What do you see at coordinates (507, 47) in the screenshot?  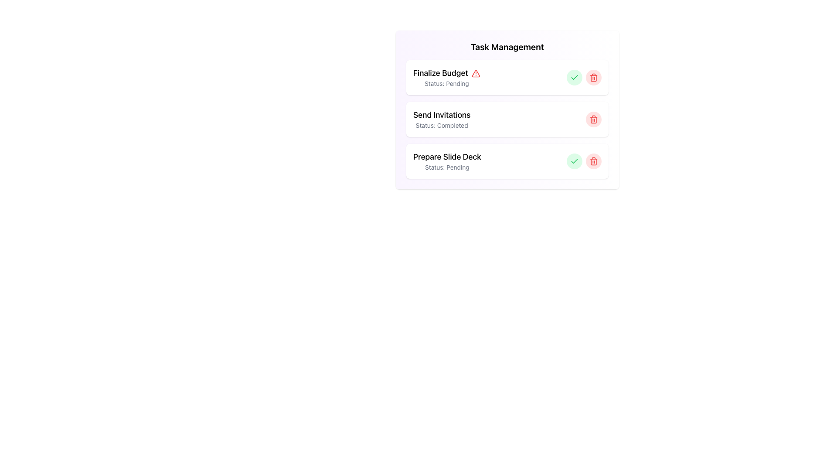 I see `text content of the heading element located at the top center of the task list panel, which provides an overview of the tasks` at bounding box center [507, 47].